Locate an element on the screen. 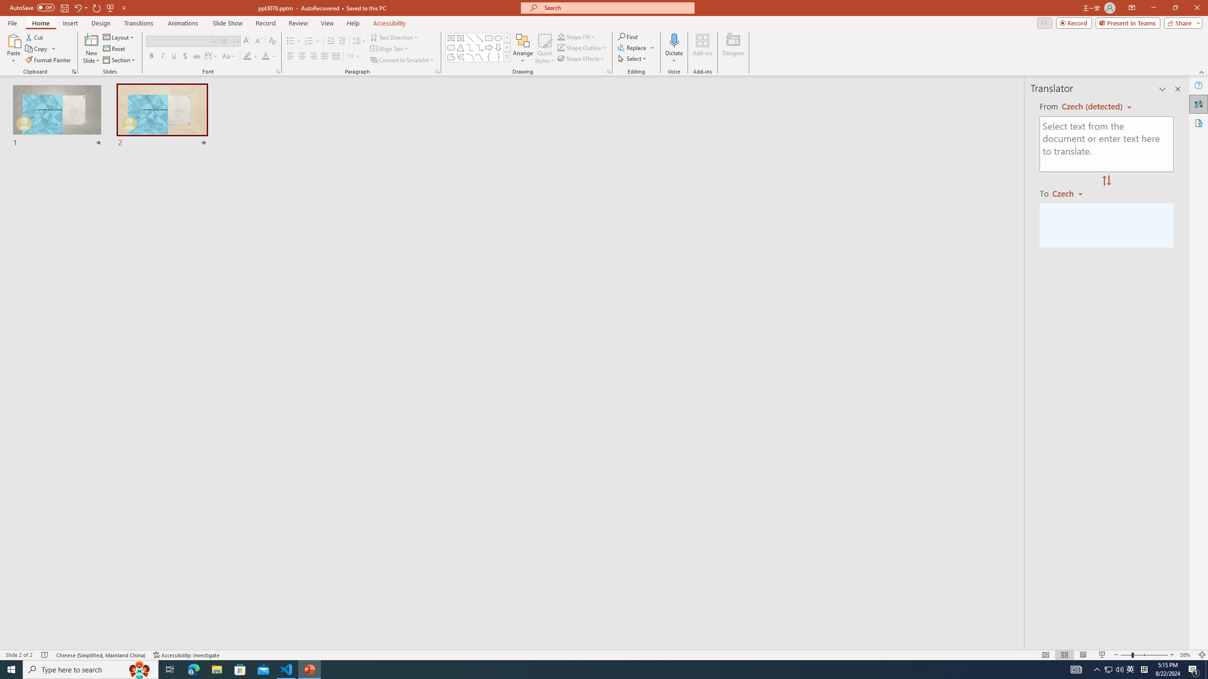 This screenshot has width=1208, height=679. 'Shape Effects' is located at coordinates (581, 58).